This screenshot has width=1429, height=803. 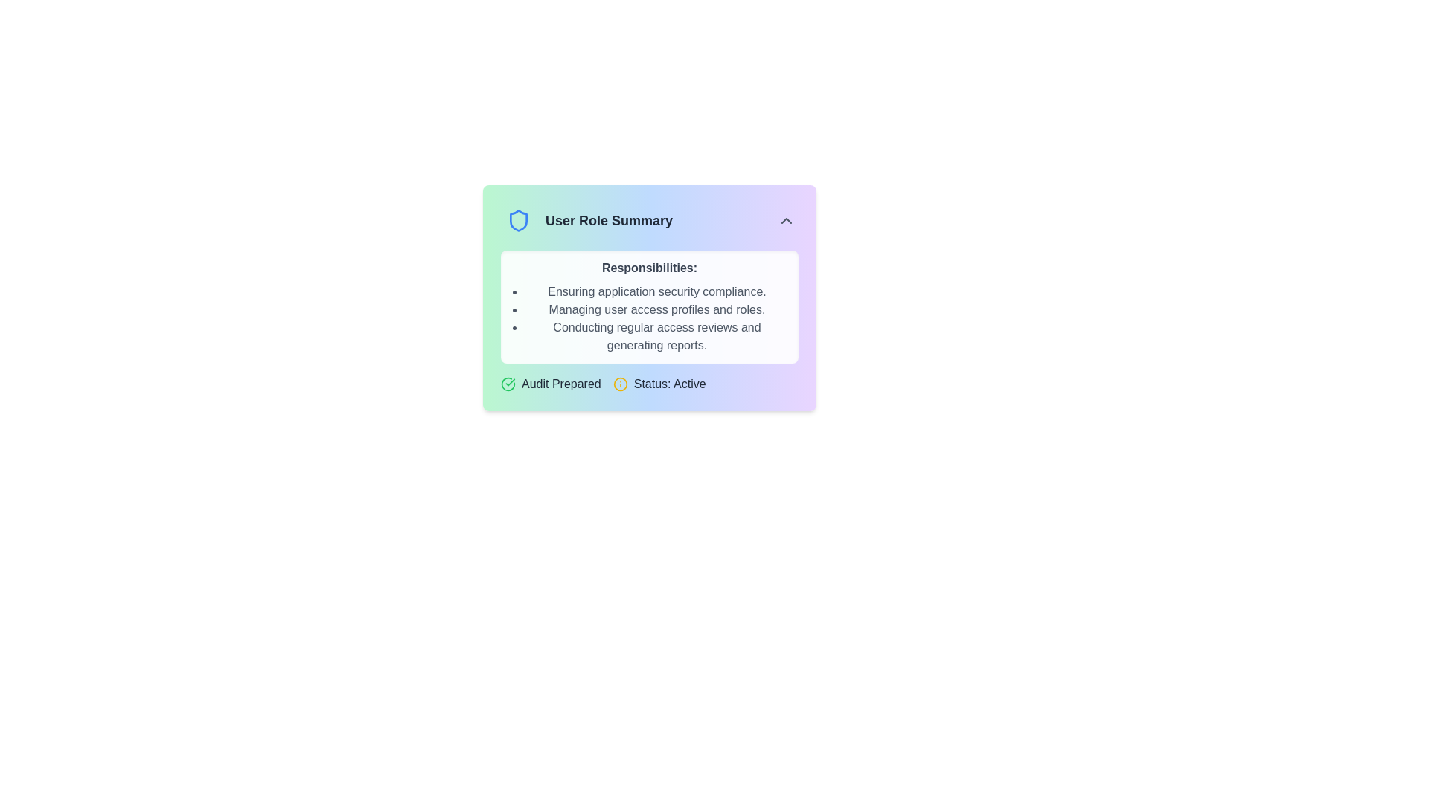 I want to click on the button located in the top-right corner of the 'User Role Summary' section, so click(x=785, y=221).